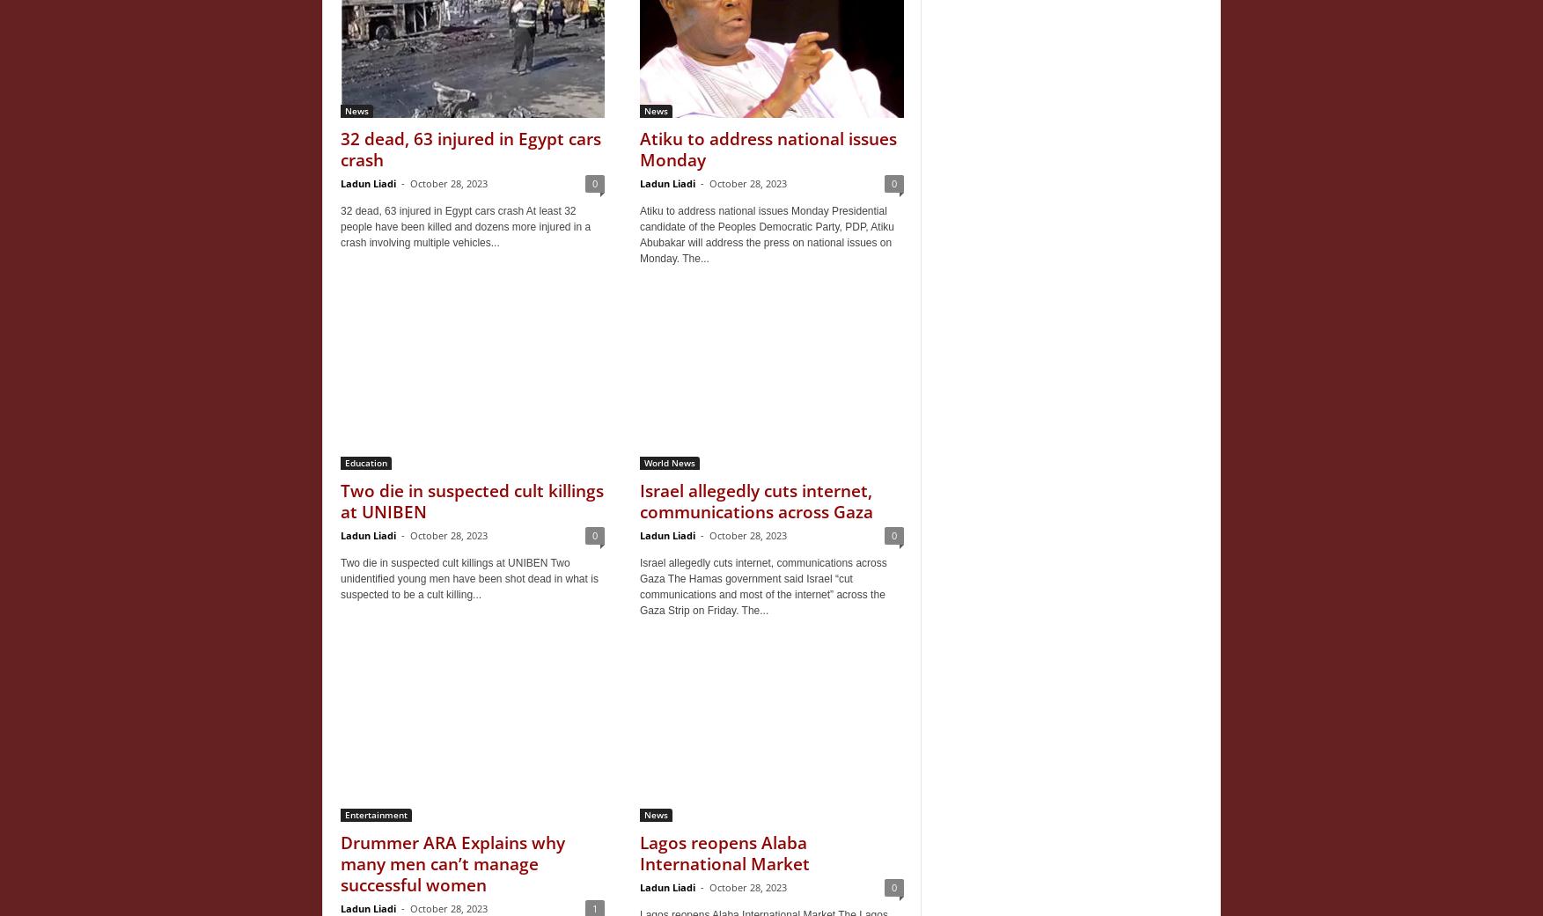 The width and height of the screenshot is (1543, 916). What do you see at coordinates (375, 813) in the screenshot?
I see `'Entertainment'` at bounding box center [375, 813].